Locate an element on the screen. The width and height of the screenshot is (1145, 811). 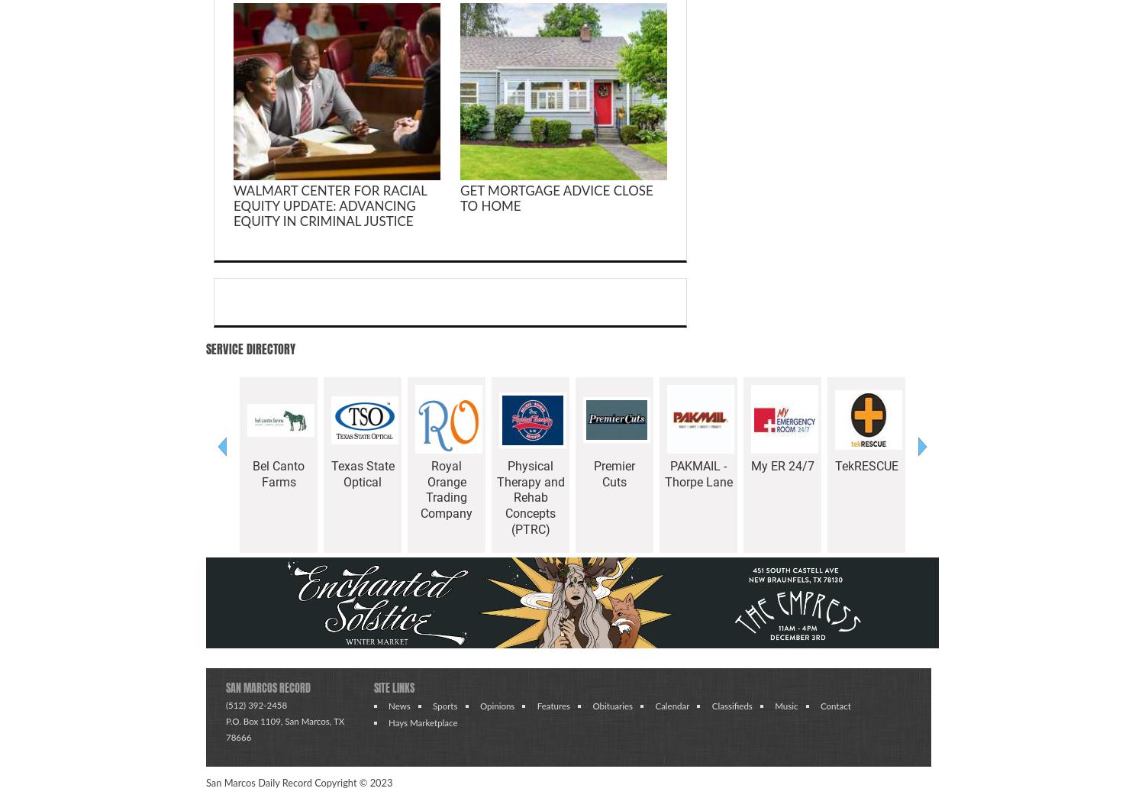
'P.O. Box 1109, San Marcos, TX 78666' is located at coordinates (284, 728).